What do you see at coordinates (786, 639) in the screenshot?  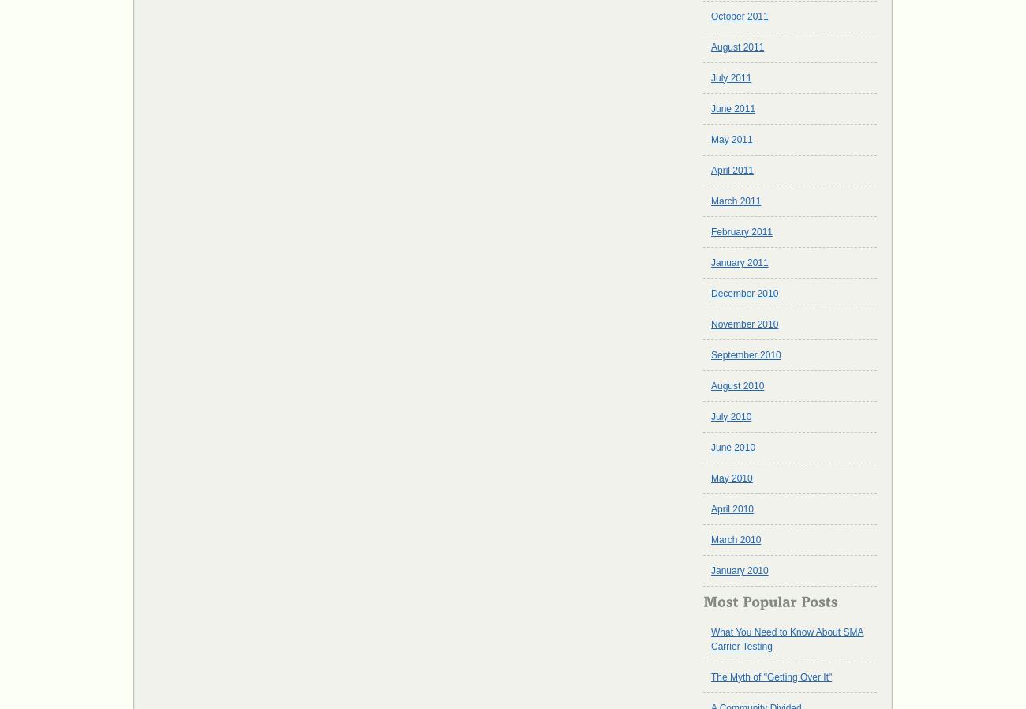 I see `'What You Need to Know About SMA Carrier Testing'` at bounding box center [786, 639].